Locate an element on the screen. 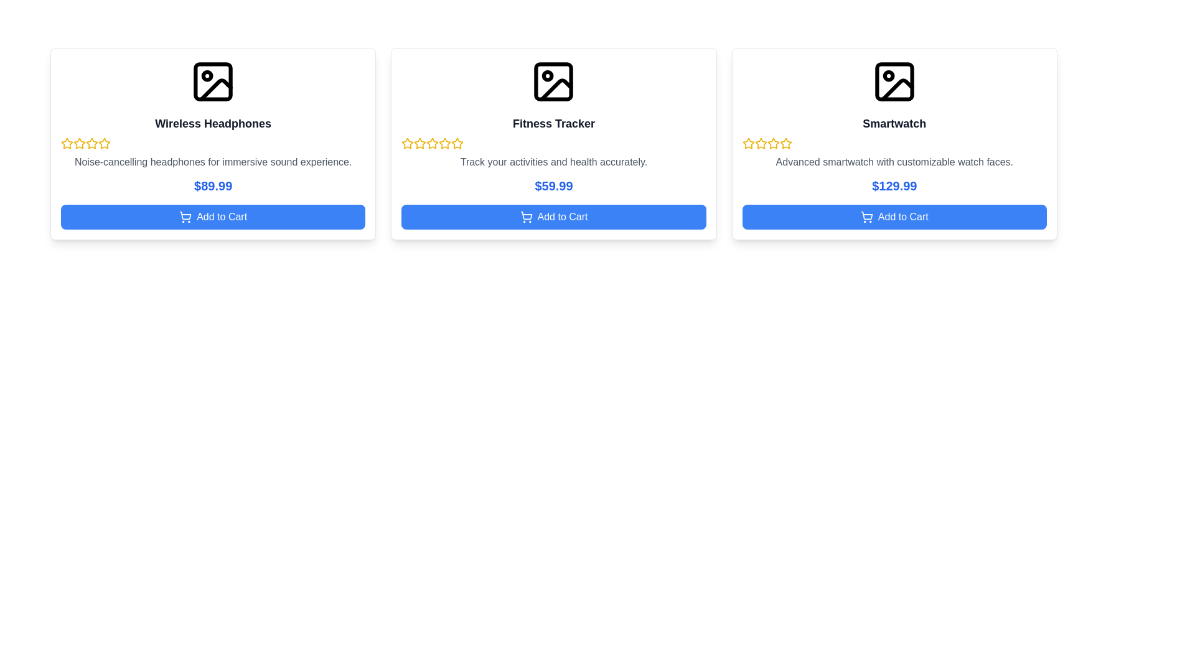 The width and height of the screenshot is (1195, 672). the text 'Advanced smartwatch with customizable watch faces.' located below the heading 'Smartwatch' and above the price '$129.99' in the product card on the rightmost side of a row for additional information is located at coordinates (894, 162).